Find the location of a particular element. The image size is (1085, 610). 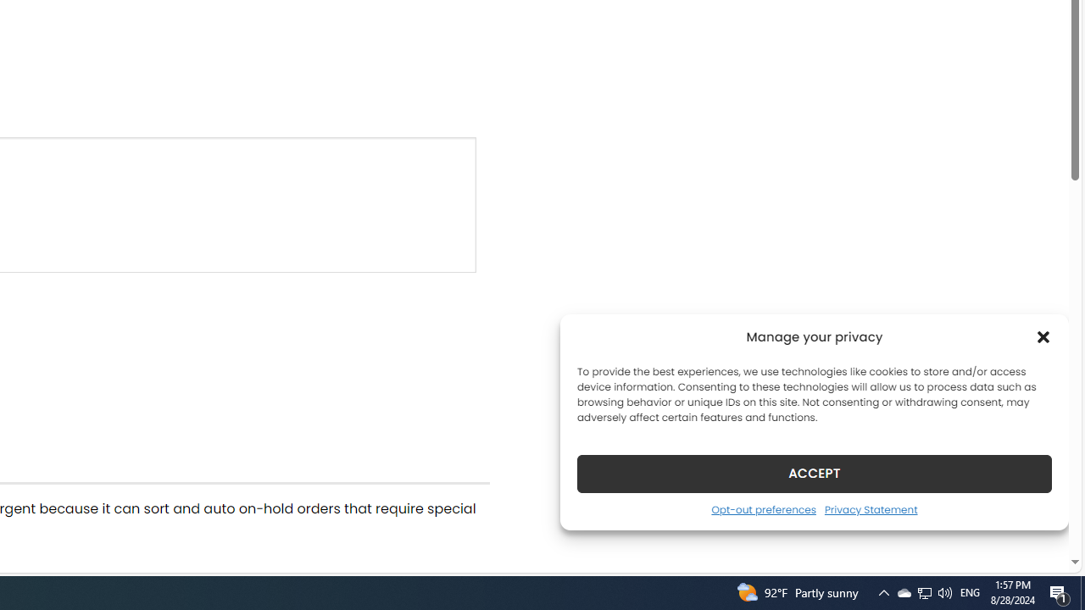

'Privacy Statement' is located at coordinates (871, 508).